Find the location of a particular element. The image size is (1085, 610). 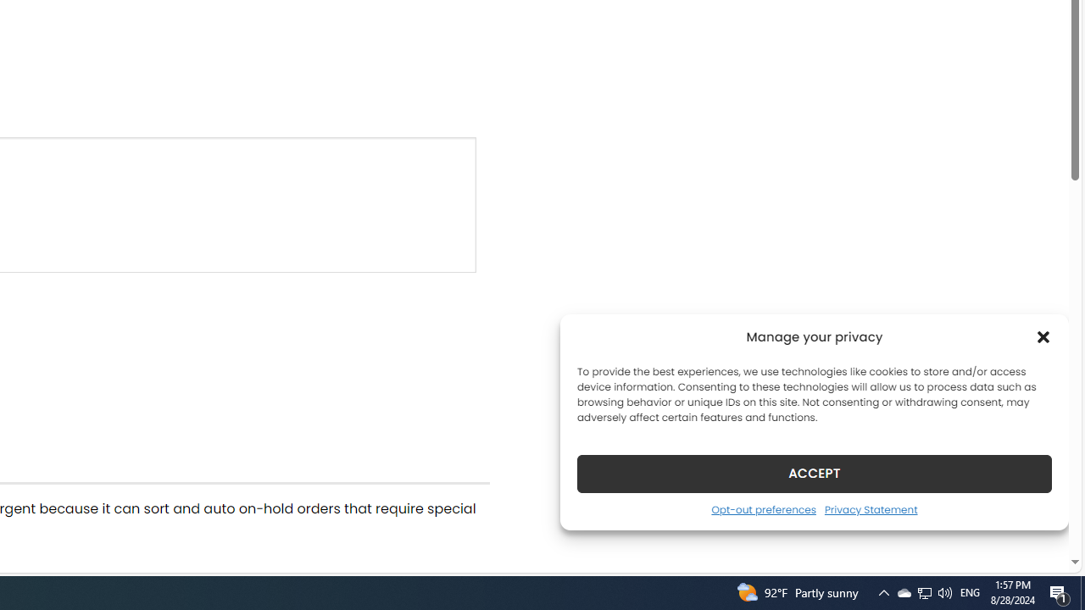

'Privacy Statement' is located at coordinates (871, 508).